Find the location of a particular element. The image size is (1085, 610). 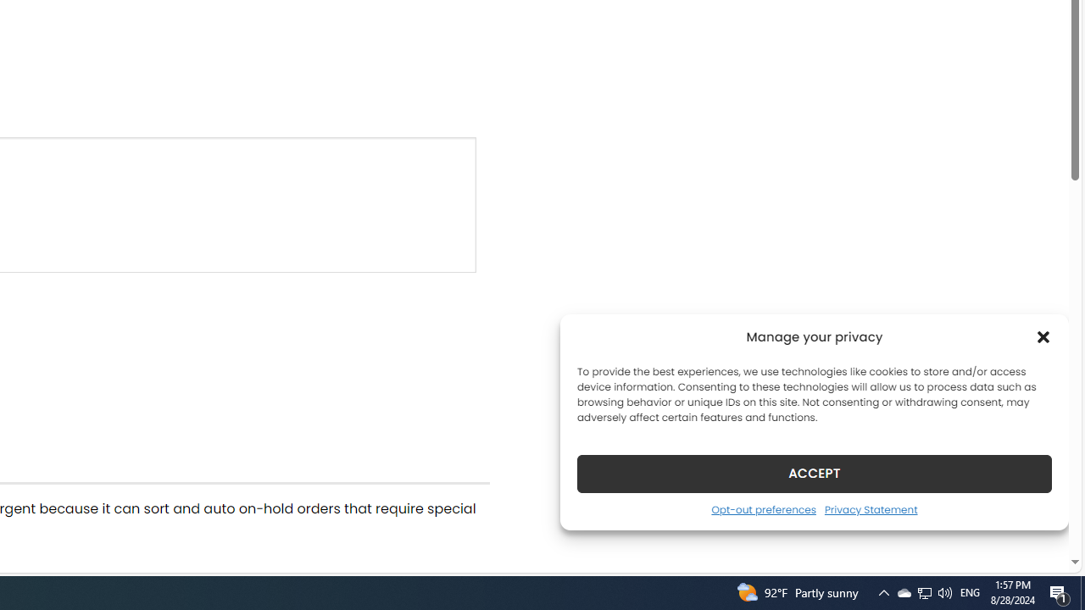

'Privacy Statement' is located at coordinates (871, 508).